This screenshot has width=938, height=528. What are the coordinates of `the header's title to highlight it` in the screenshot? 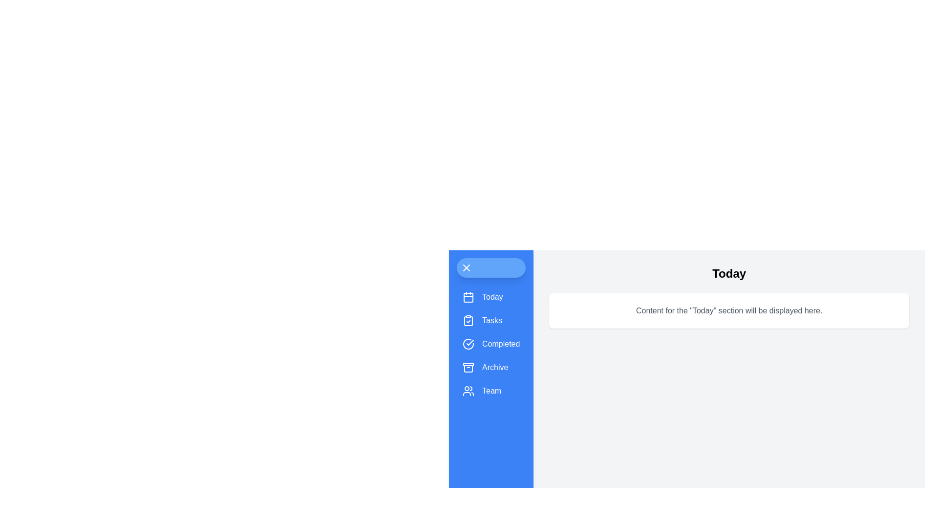 It's located at (729, 273).